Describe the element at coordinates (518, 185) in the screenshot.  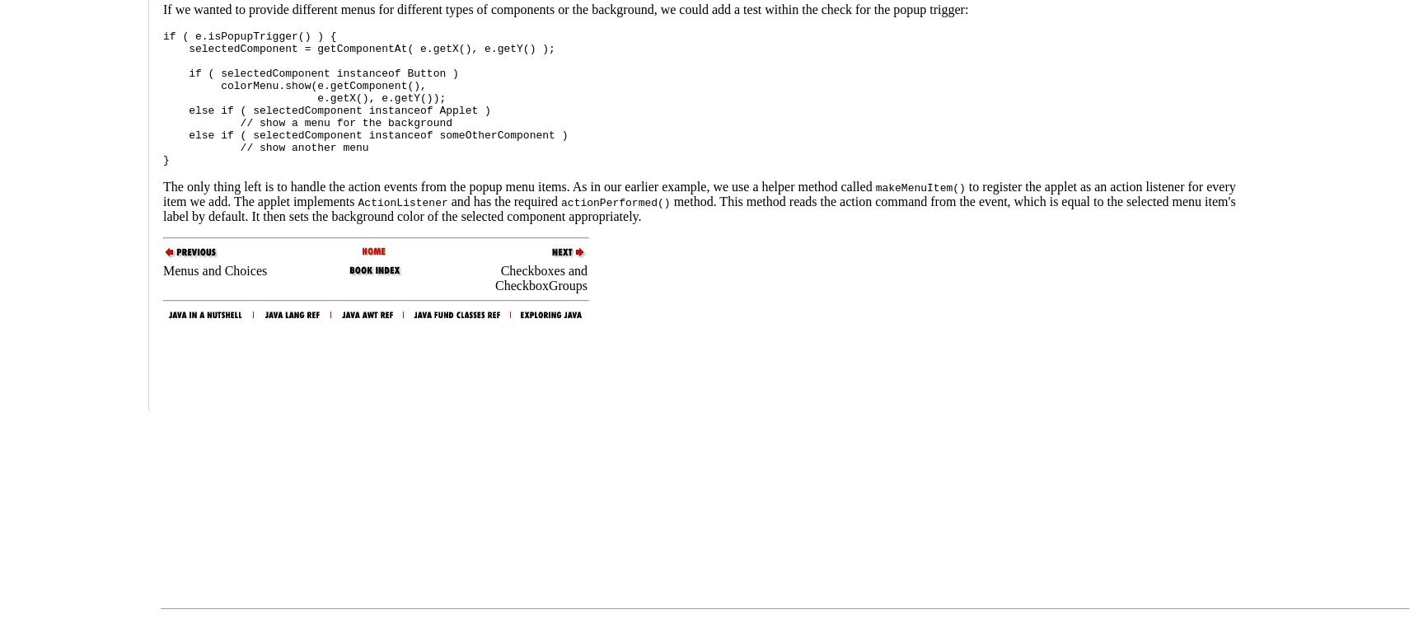
I see `'The only thing left is to handle the action events from the popup menu
items. As in our earlier example, we use a helper method called'` at that location.